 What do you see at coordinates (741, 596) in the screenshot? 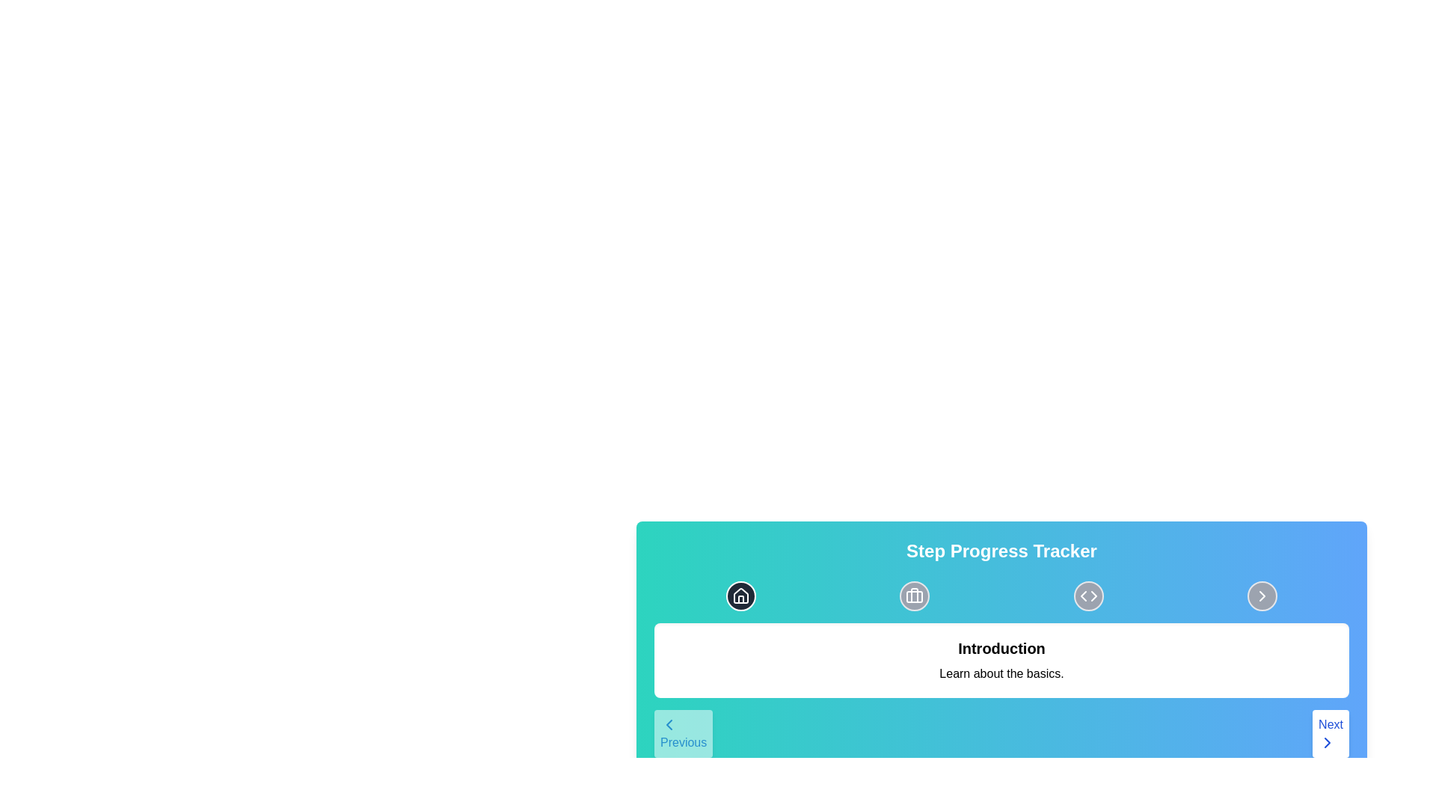
I see `the home icon represented by an SVG graphic within a circular button, located at the top left of the step progress tracker interface` at bounding box center [741, 596].